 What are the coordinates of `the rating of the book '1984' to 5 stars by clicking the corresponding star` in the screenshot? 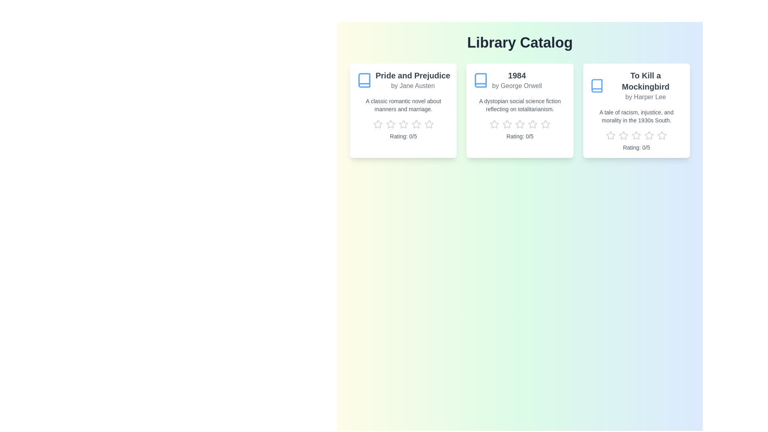 It's located at (545, 124).